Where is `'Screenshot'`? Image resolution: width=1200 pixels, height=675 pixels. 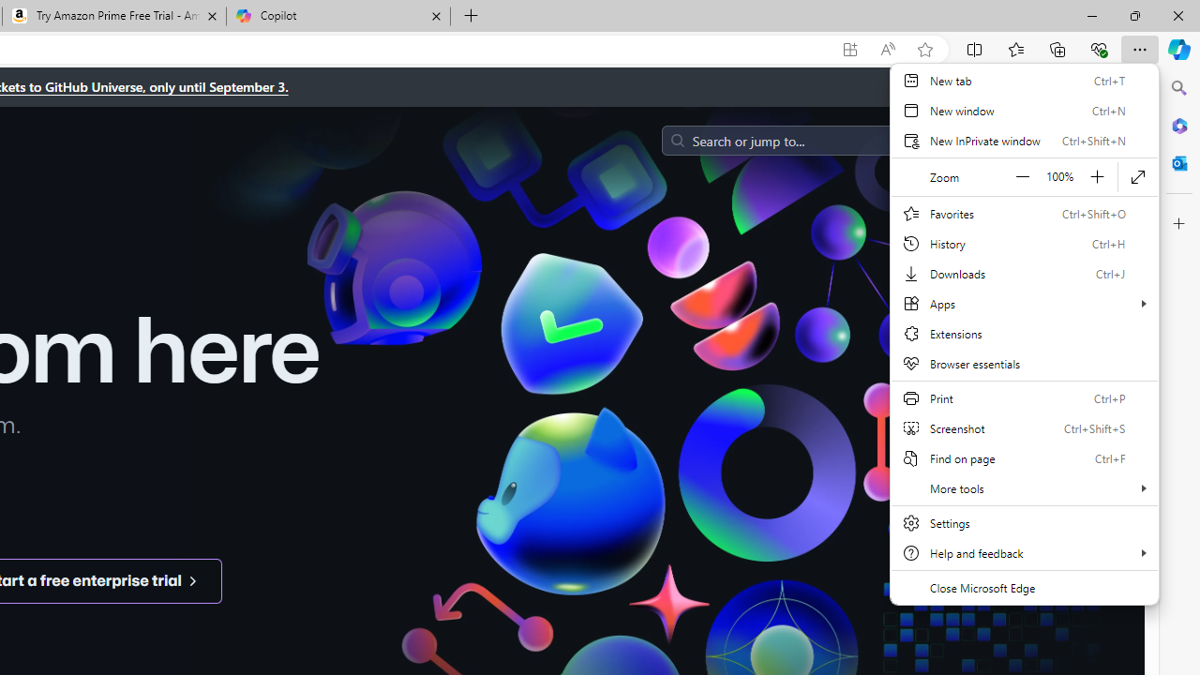 'Screenshot' is located at coordinates (1024, 427).